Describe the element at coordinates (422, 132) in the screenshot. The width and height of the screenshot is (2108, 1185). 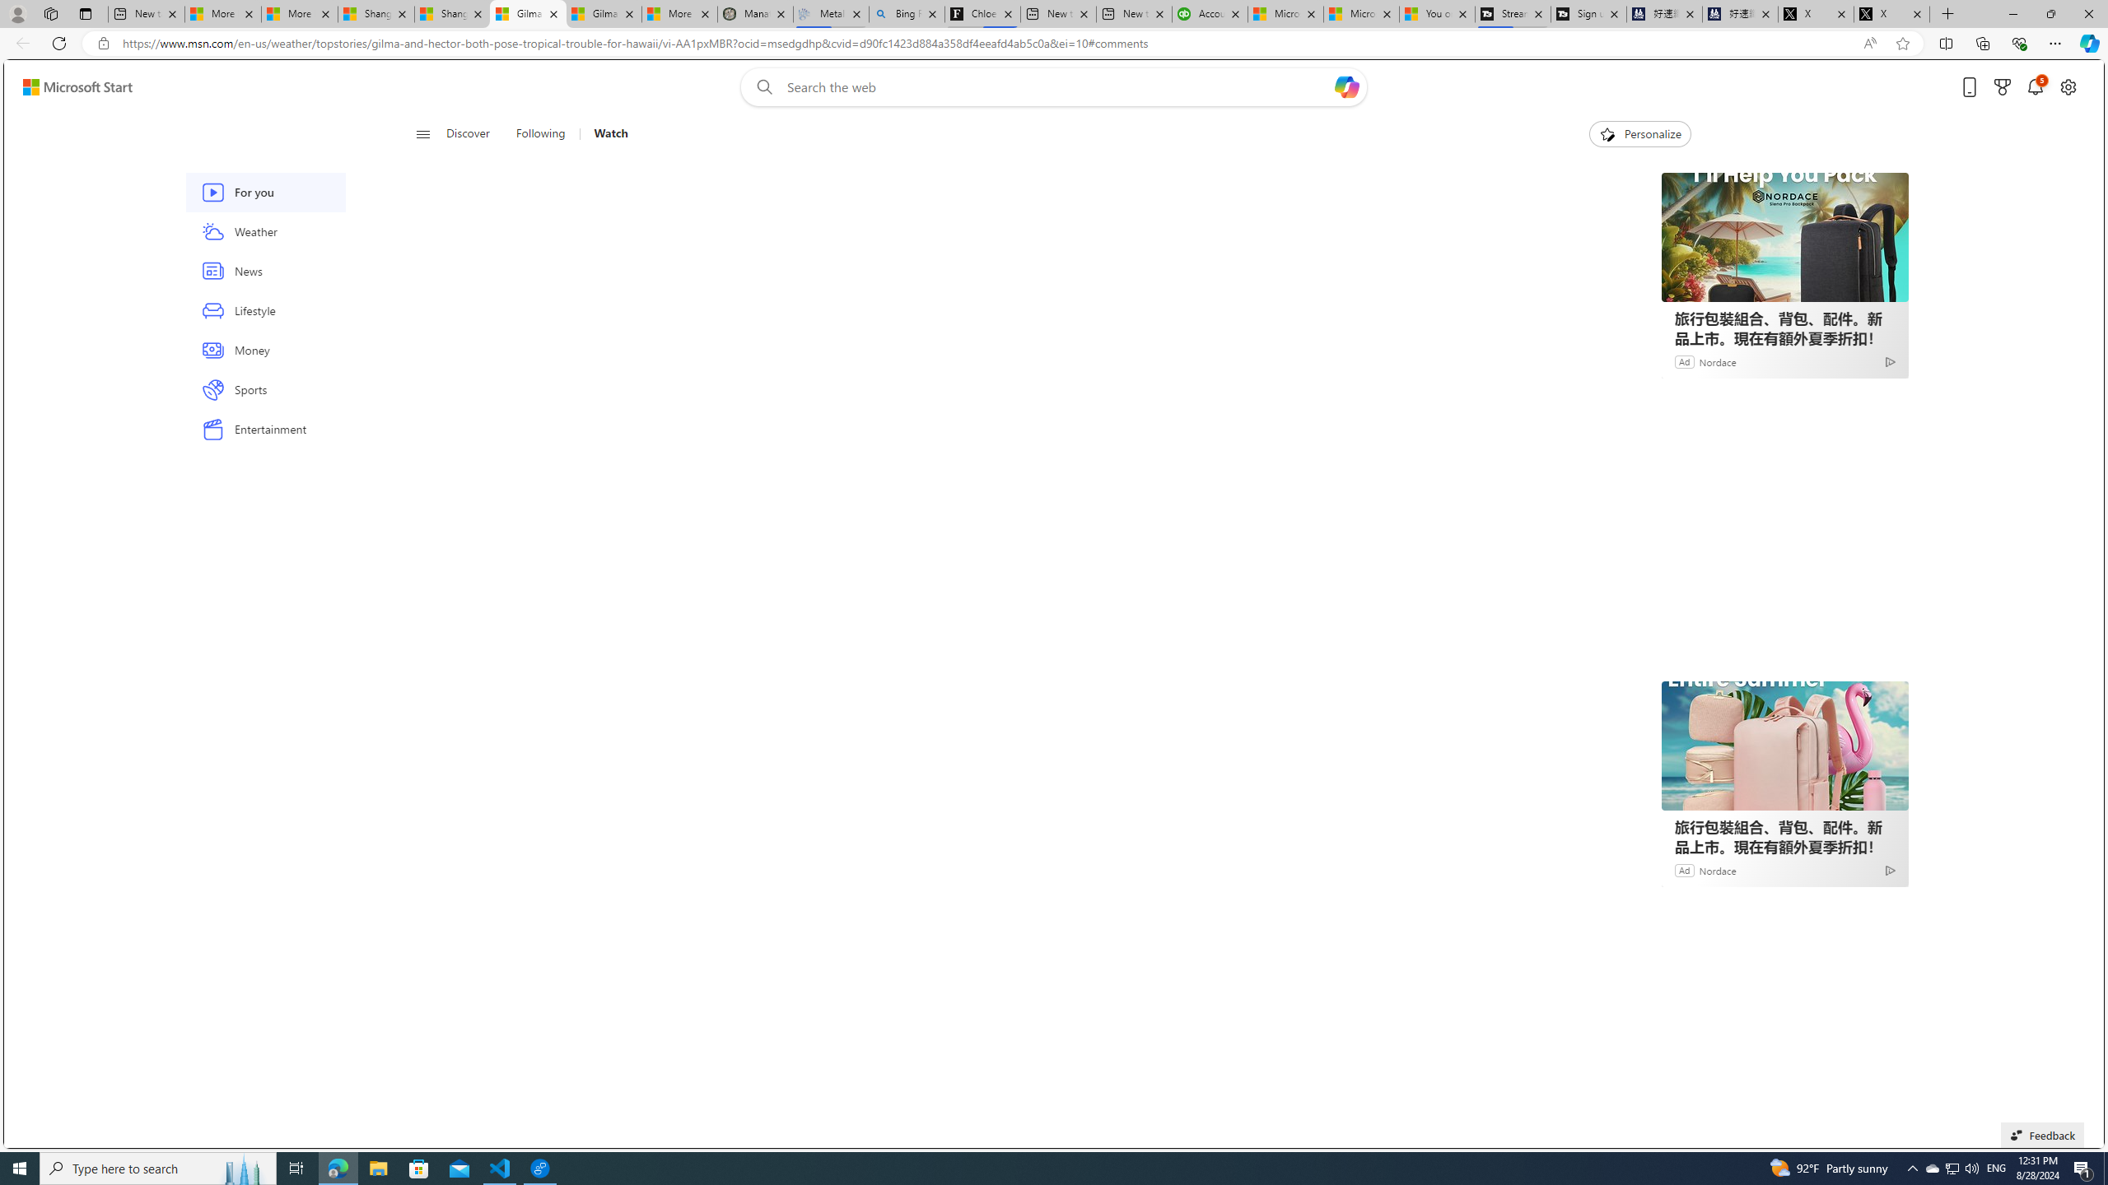
I see `'Open navigation menu'` at that location.